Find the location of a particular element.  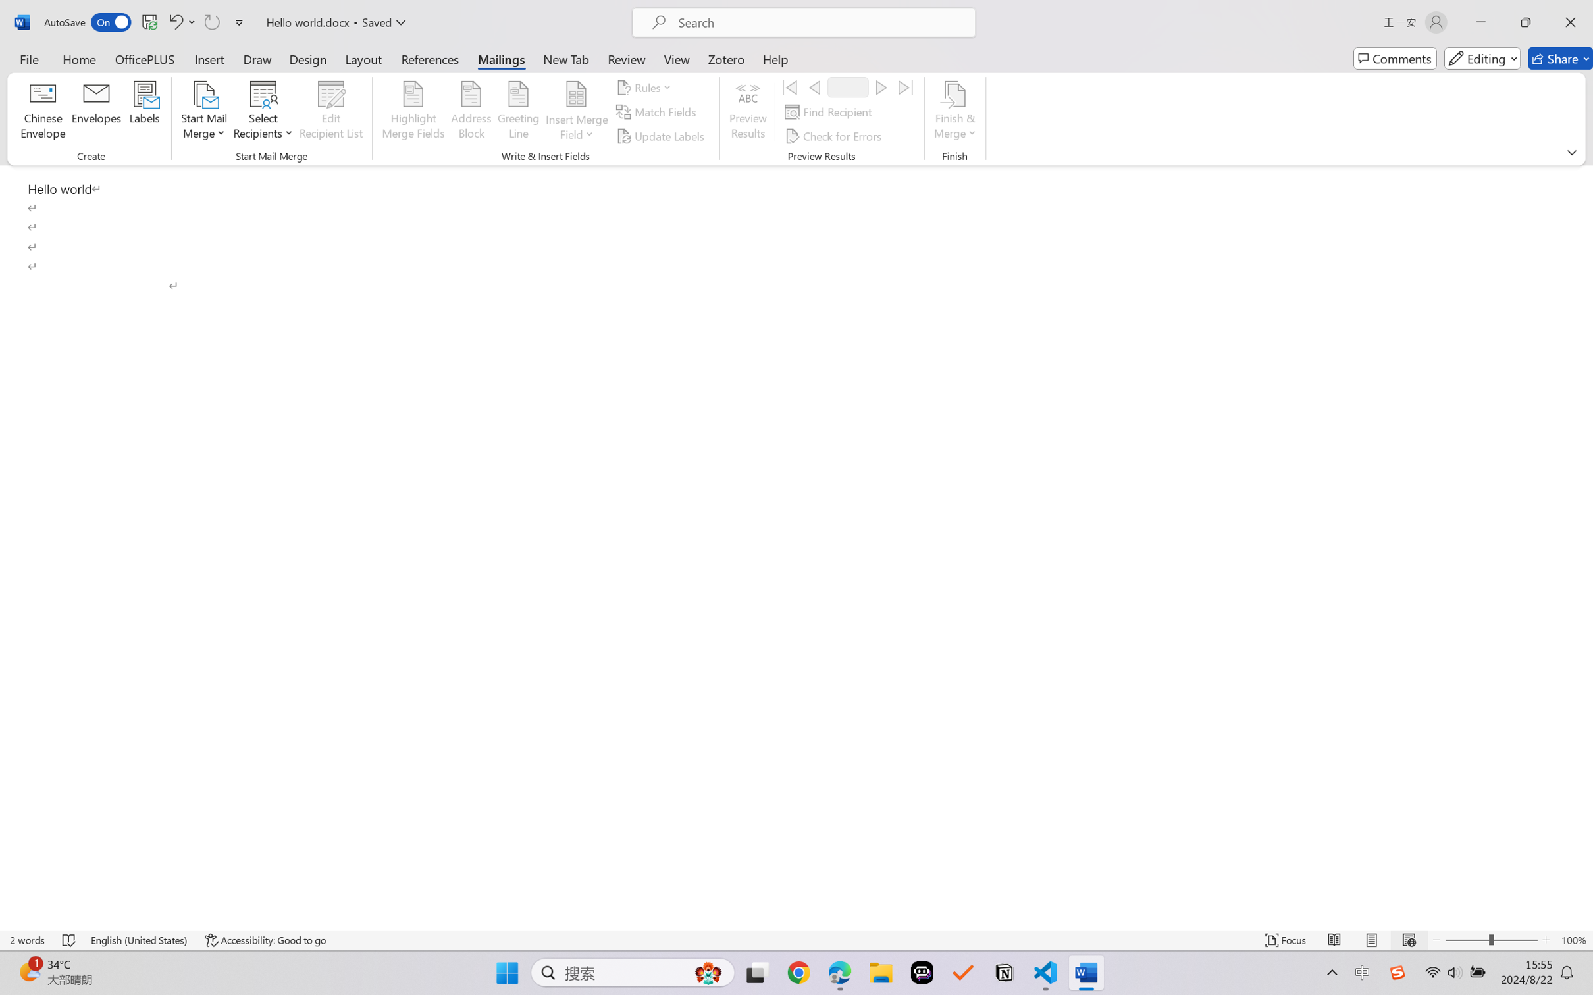

'Update Labels' is located at coordinates (661, 136).